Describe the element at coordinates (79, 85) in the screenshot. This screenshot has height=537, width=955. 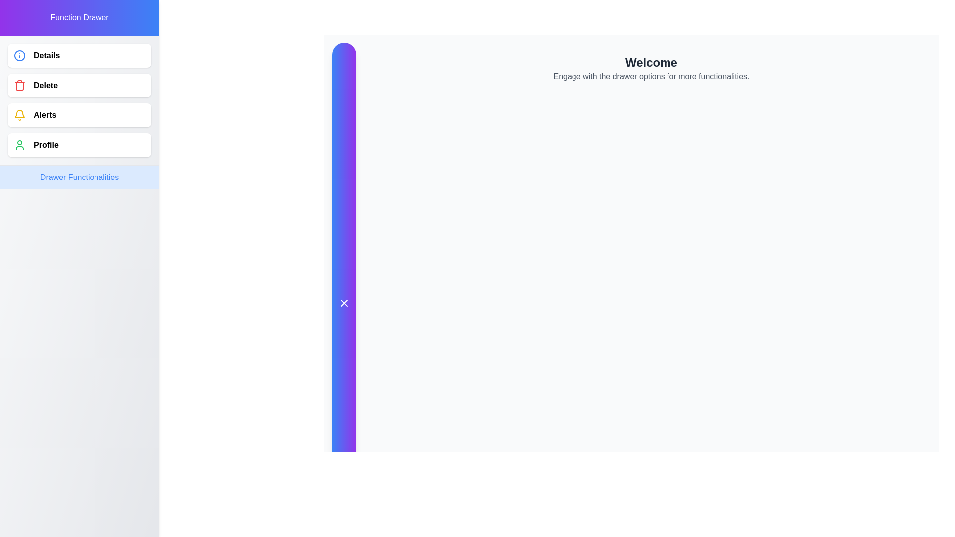
I see `the delete button located between the 'Details' and 'Alerts' buttons in the vertical menu at the top-left corner of the layout` at that location.